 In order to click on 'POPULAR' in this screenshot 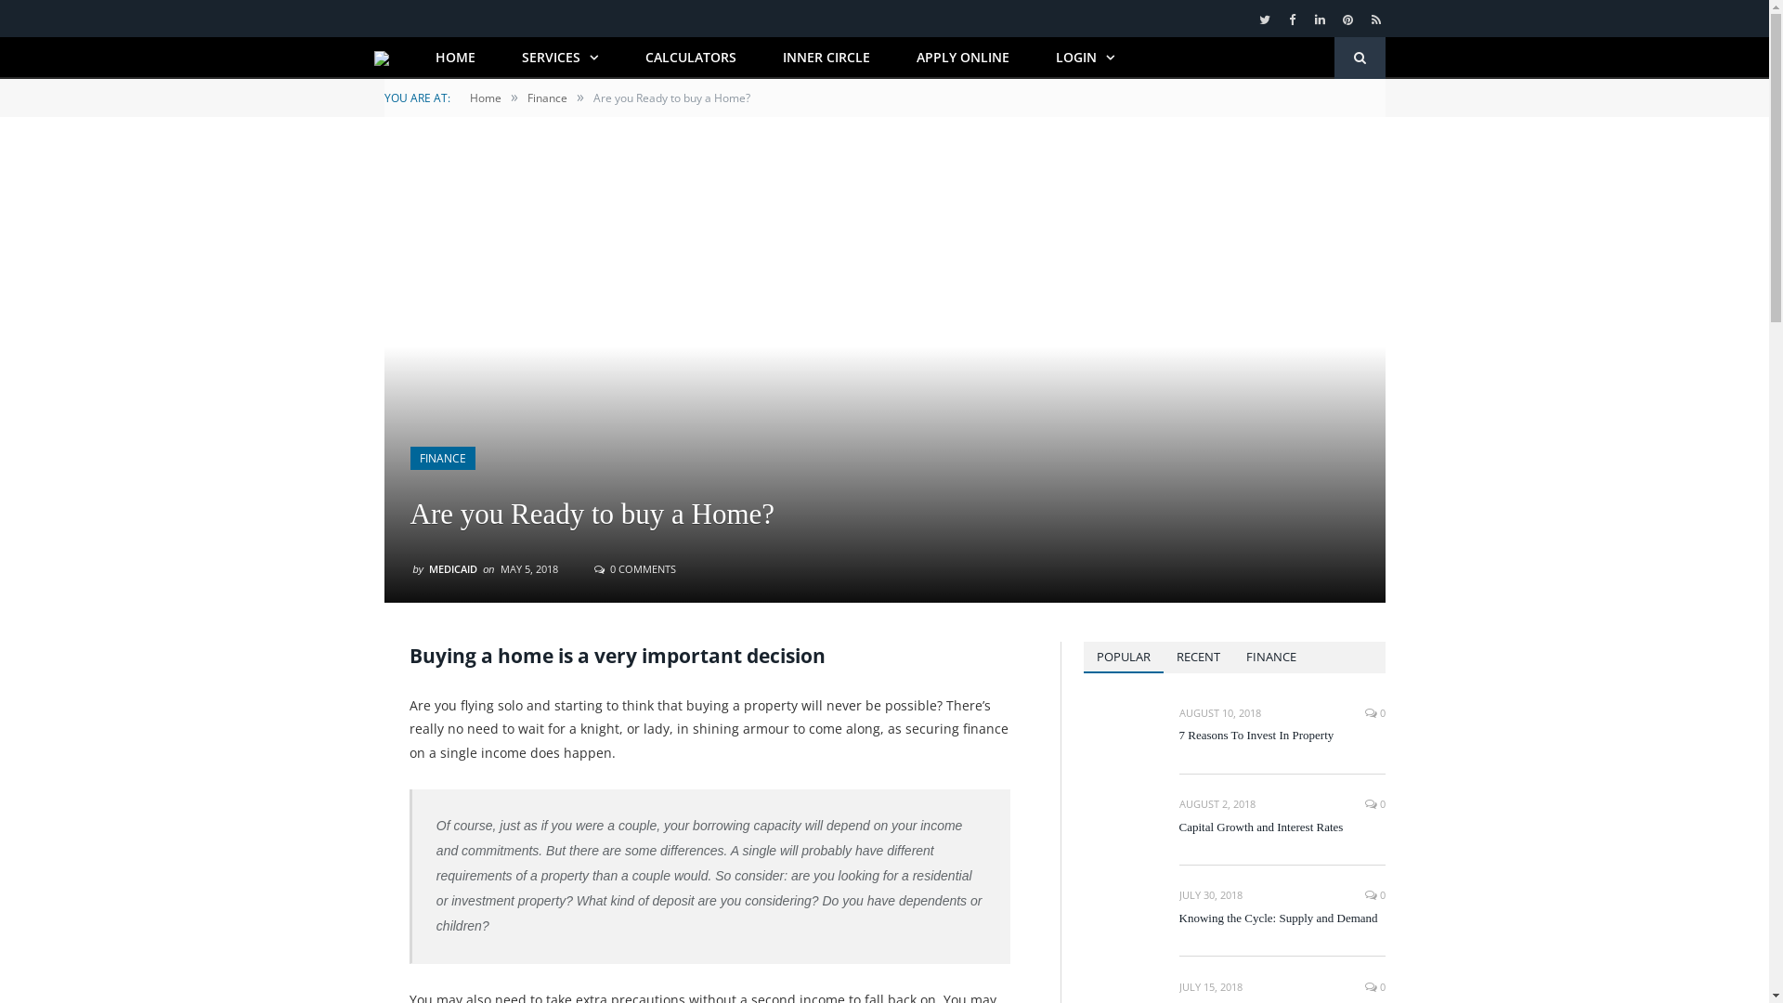, I will do `click(1083, 657)`.